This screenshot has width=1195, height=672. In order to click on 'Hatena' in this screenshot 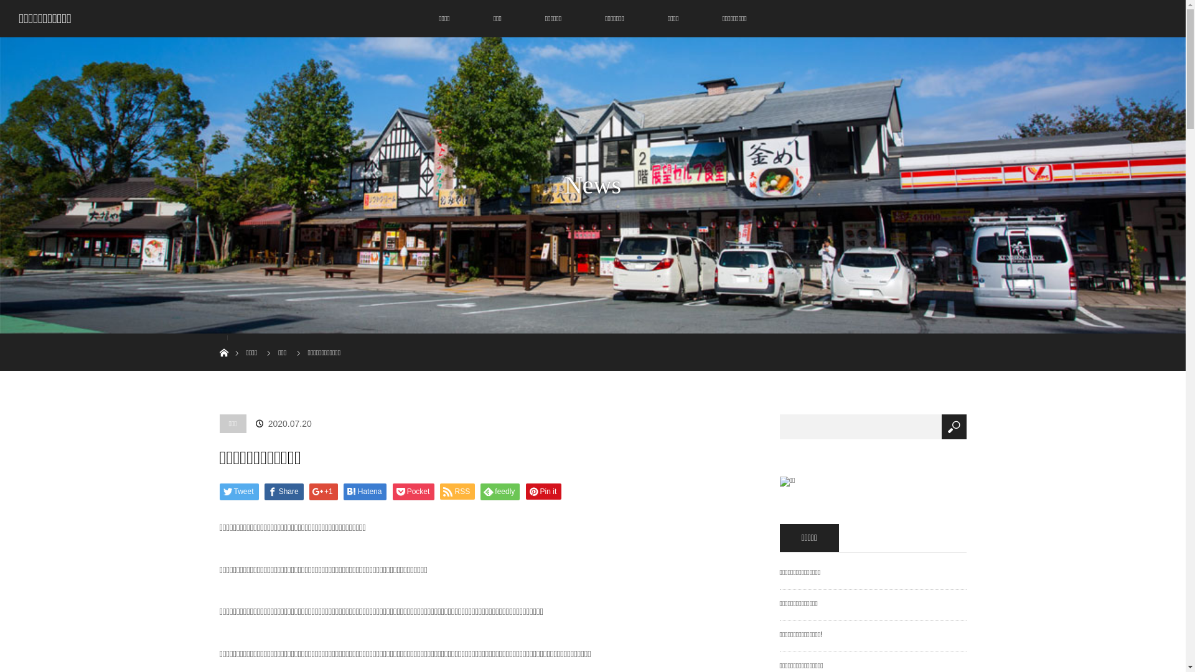, I will do `click(344, 491)`.